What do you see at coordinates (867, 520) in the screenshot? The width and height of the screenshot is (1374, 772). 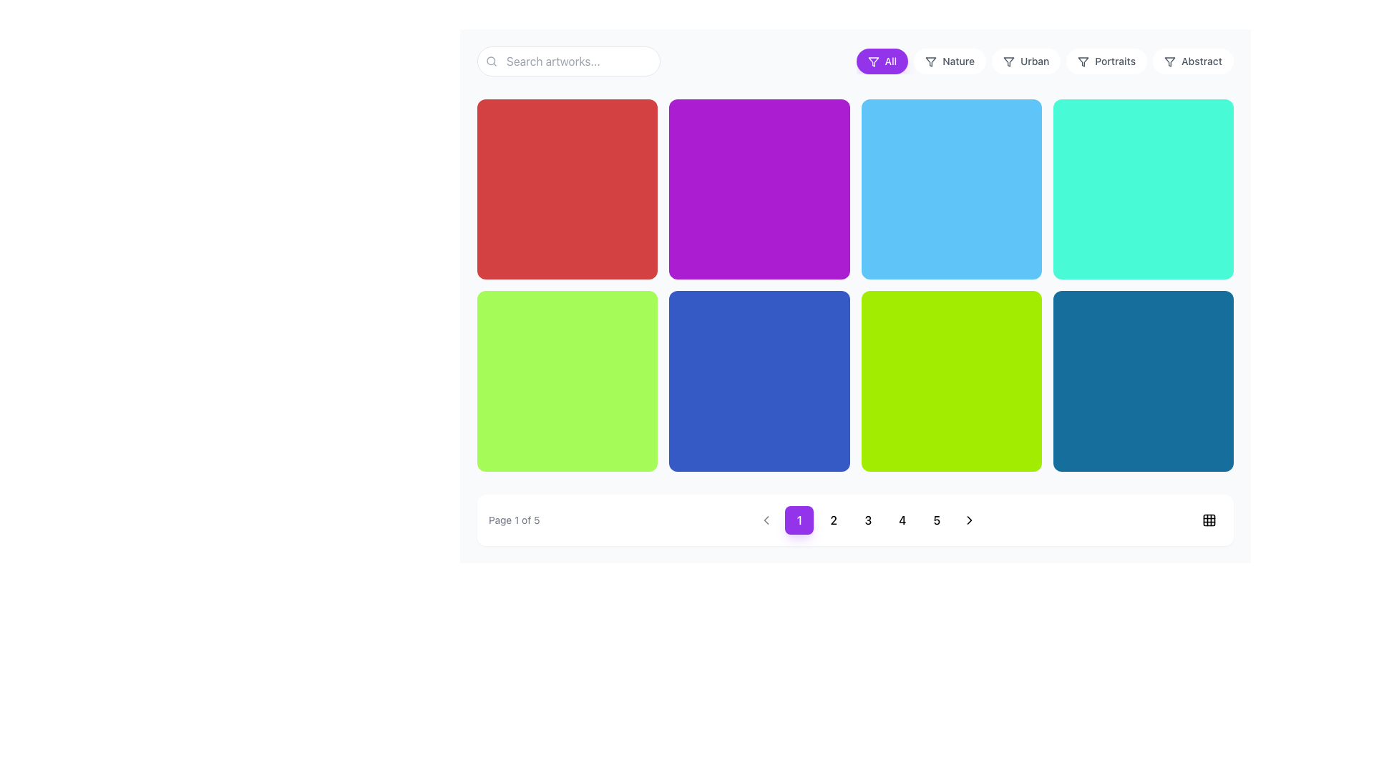 I see `the rounded square button displaying the number '3' in the bottom pagination bar to visually indicate its state` at bounding box center [867, 520].